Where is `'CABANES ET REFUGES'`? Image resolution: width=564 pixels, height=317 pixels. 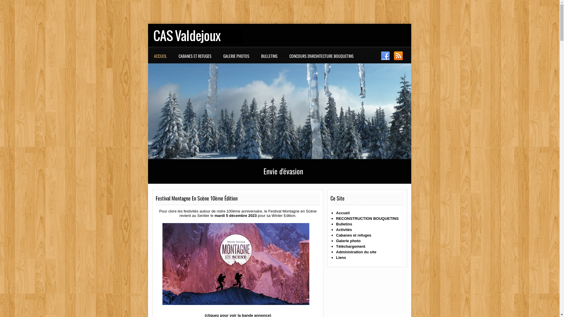
'CABANES ET REFUGES' is located at coordinates (196, 59).